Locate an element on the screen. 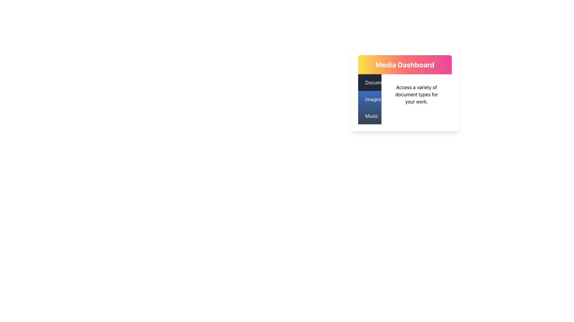 Image resolution: width=574 pixels, height=322 pixels. the 'Music' text label with accompanying icon element, which has a dark blue background and white text, located at the bottom of the Media Dashboard section is located at coordinates (370, 116).